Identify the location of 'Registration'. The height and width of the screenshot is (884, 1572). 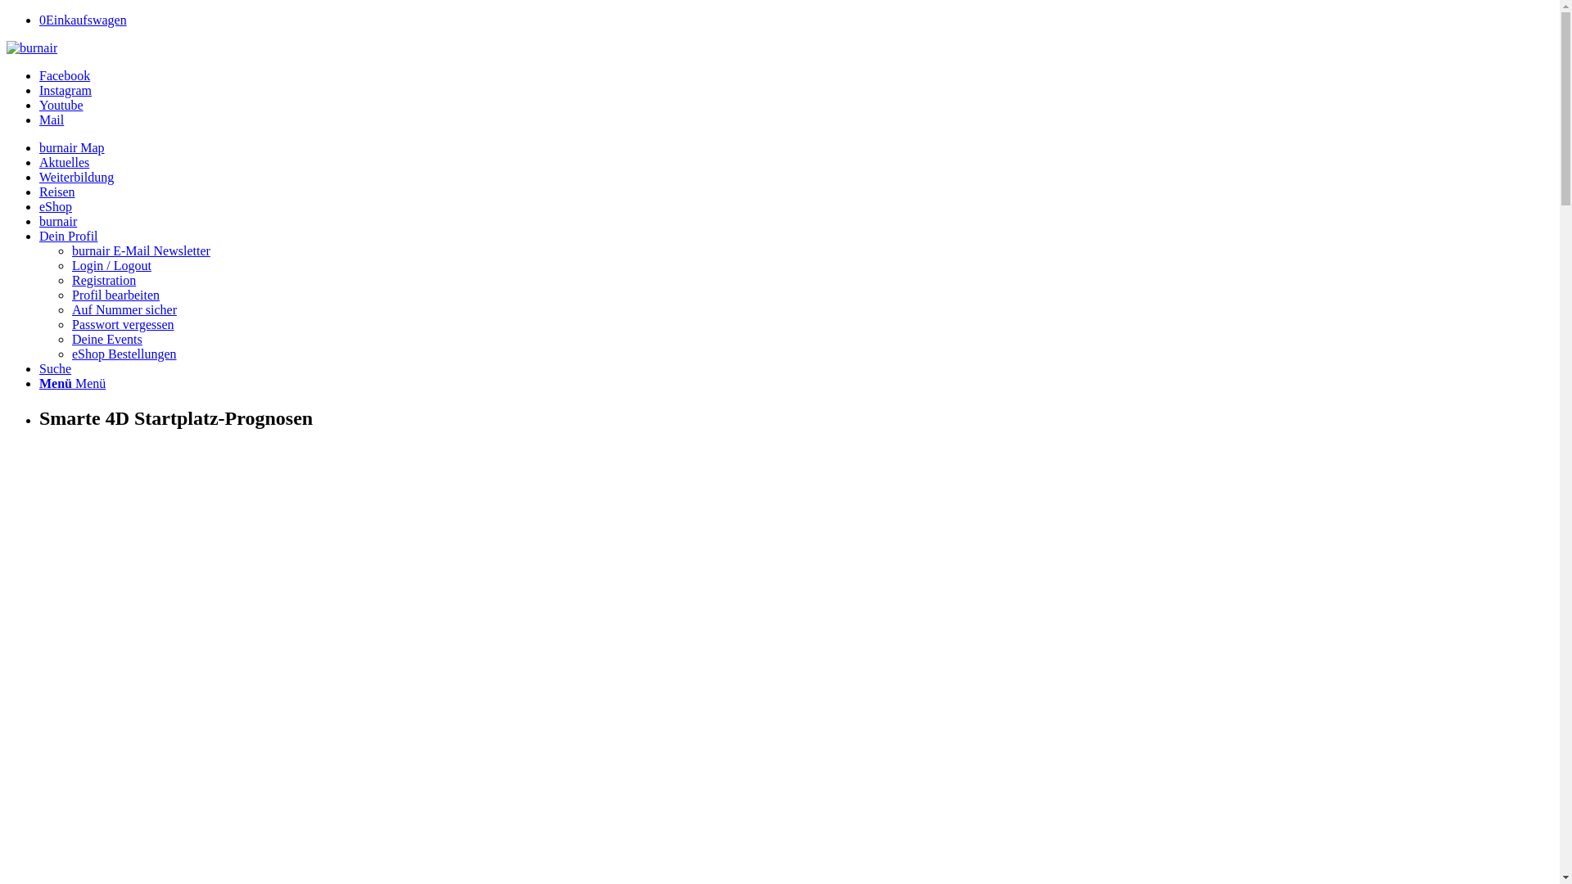
(102, 279).